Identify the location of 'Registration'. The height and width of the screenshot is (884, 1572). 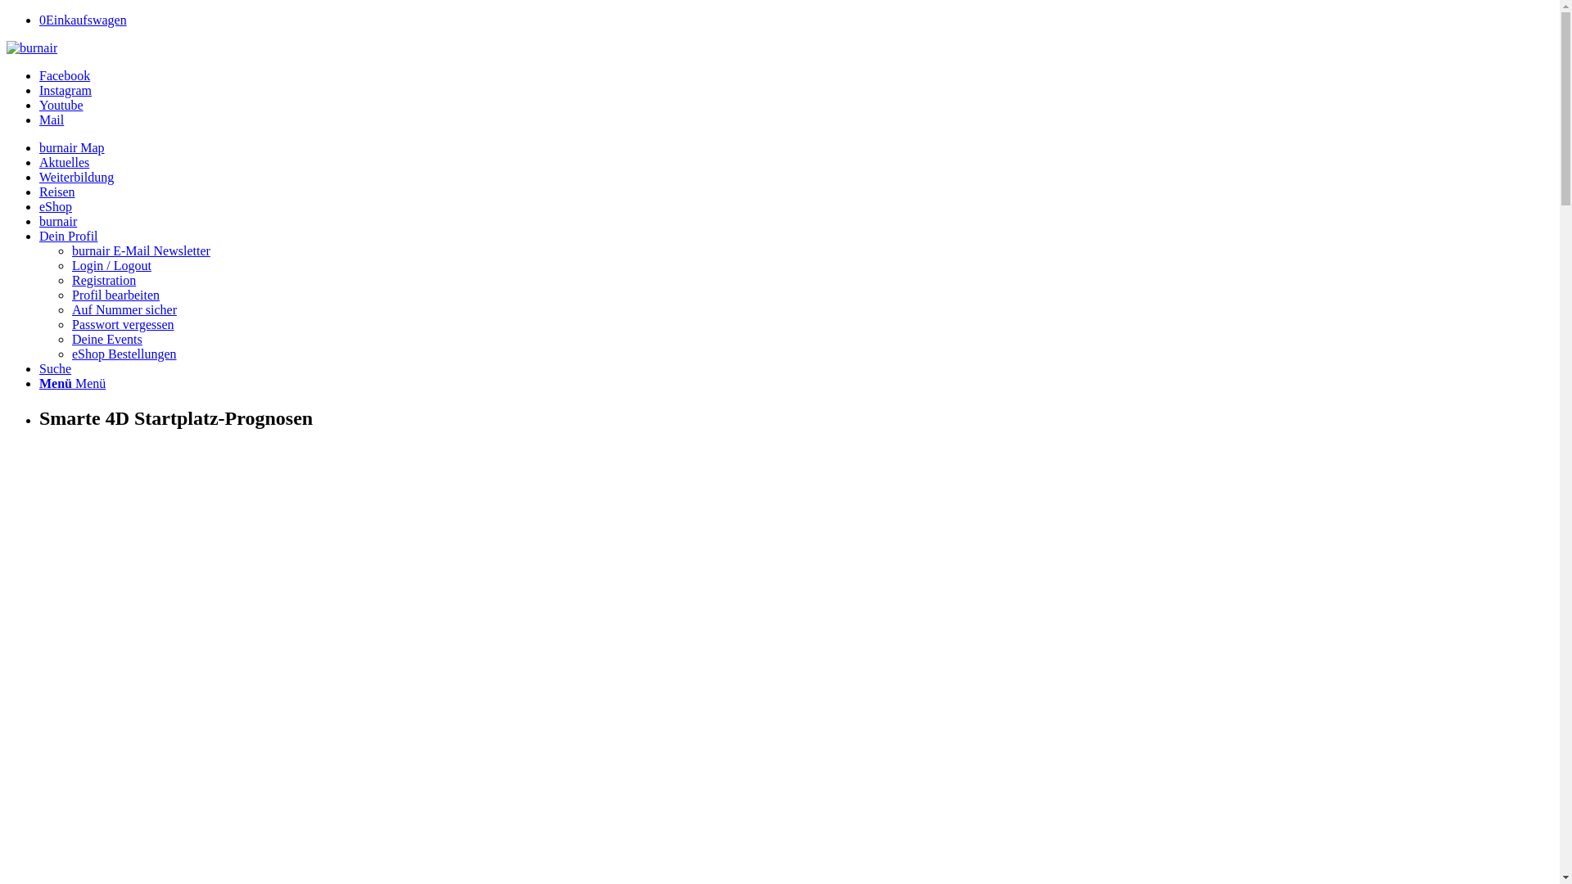
(102, 279).